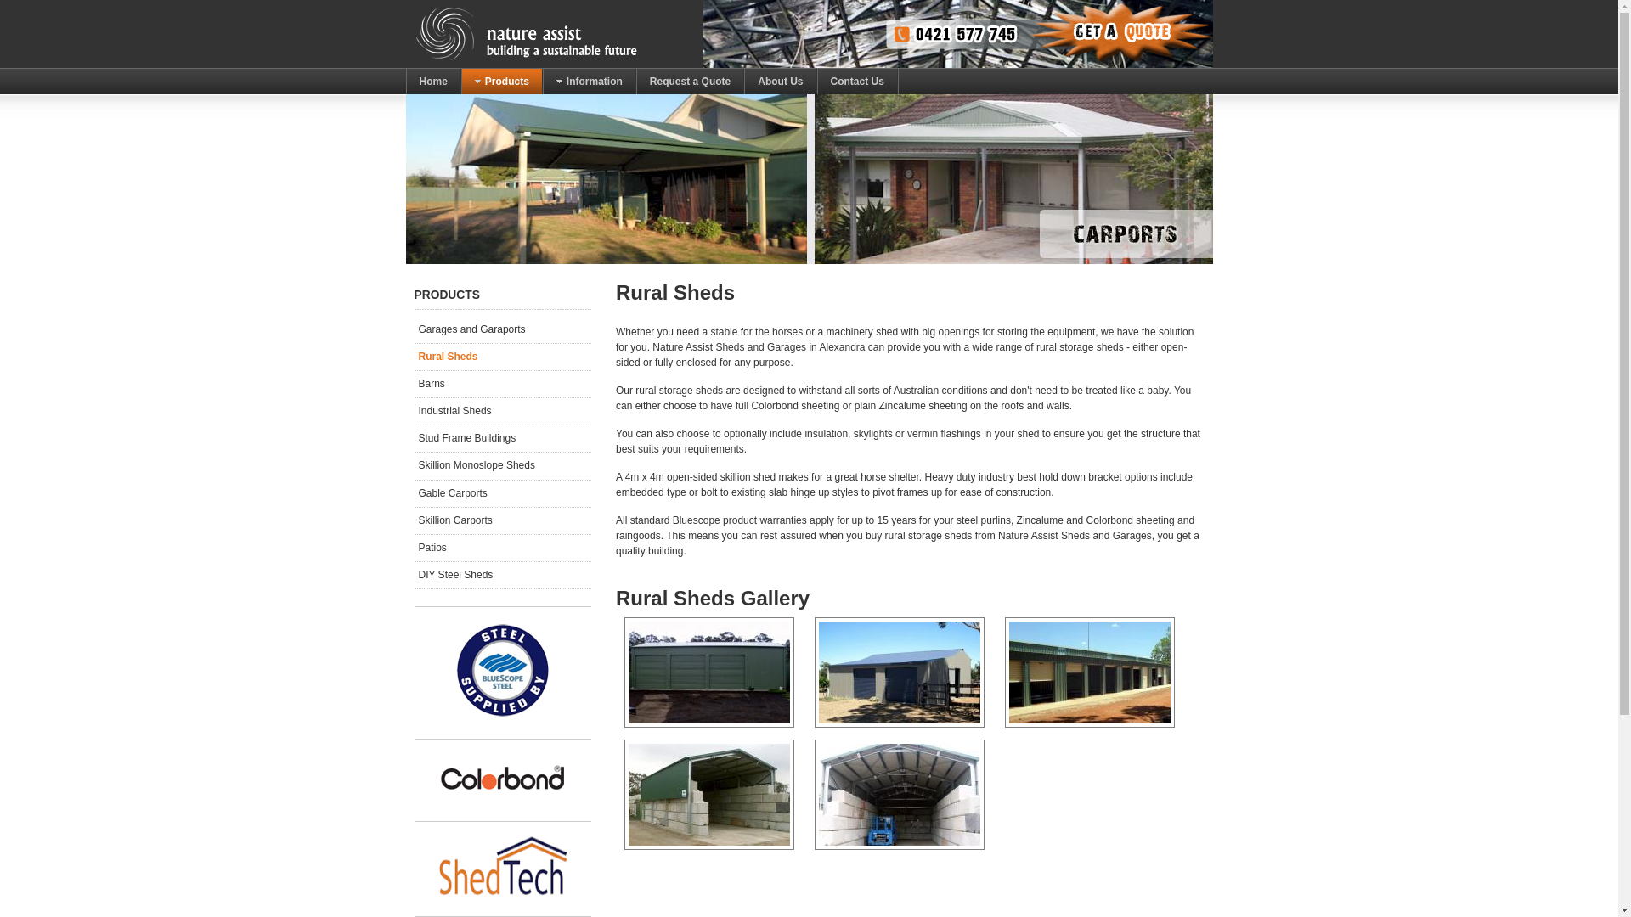  I want to click on 'Request a Quote', so click(690, 82).